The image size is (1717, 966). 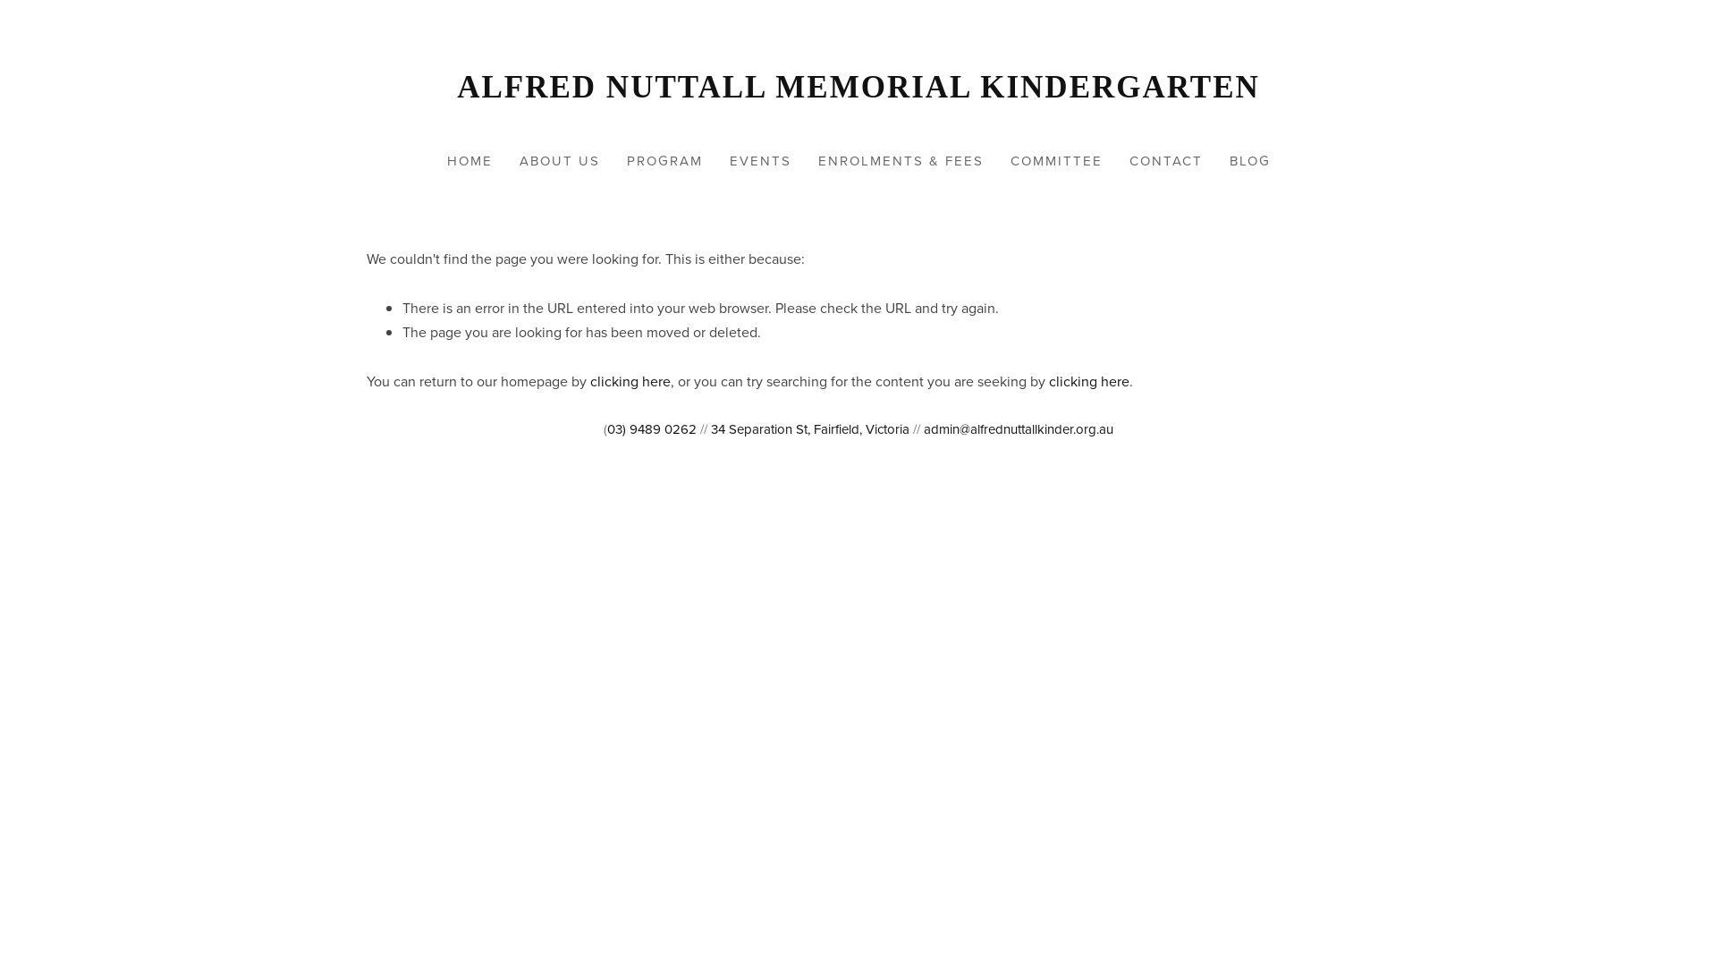 What do you see at coordinates (1116, 161) in the screenshot?
I see `'CONTACT'` at bounding box center [1116, 161].